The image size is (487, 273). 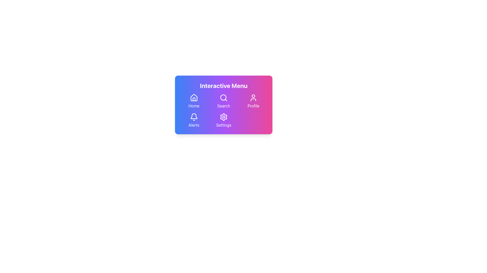 What do you see at coordinates (223, 121) in the screenshot?
I see `the 'Settings' button located` at bounding box center [223, 121].